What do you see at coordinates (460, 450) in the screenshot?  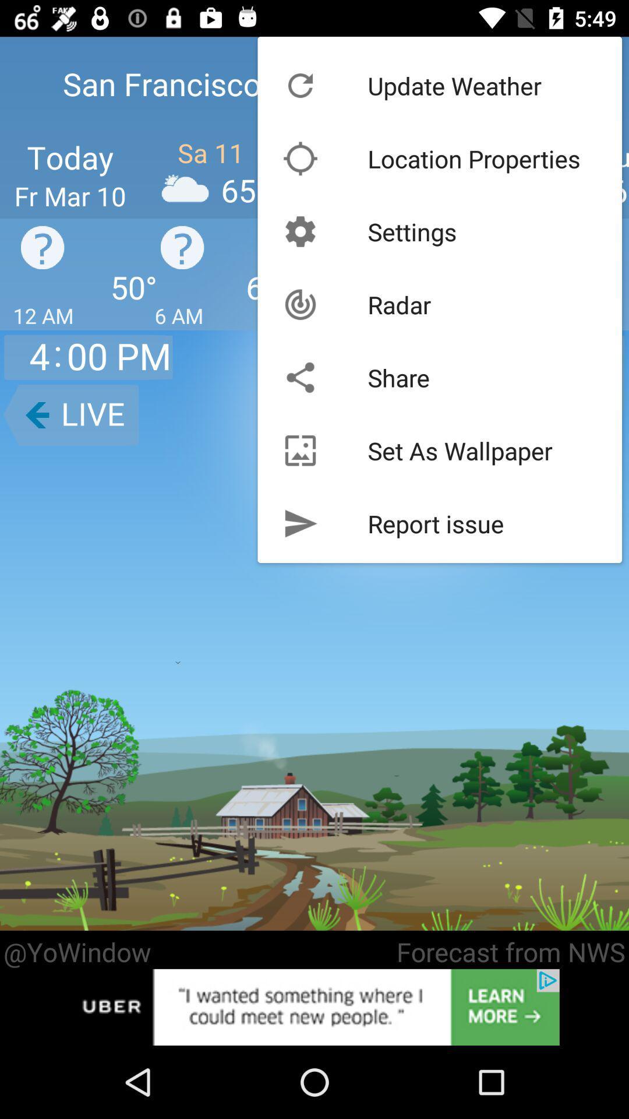 I see `the set as wallpaper` at bounding box center [460, 450].